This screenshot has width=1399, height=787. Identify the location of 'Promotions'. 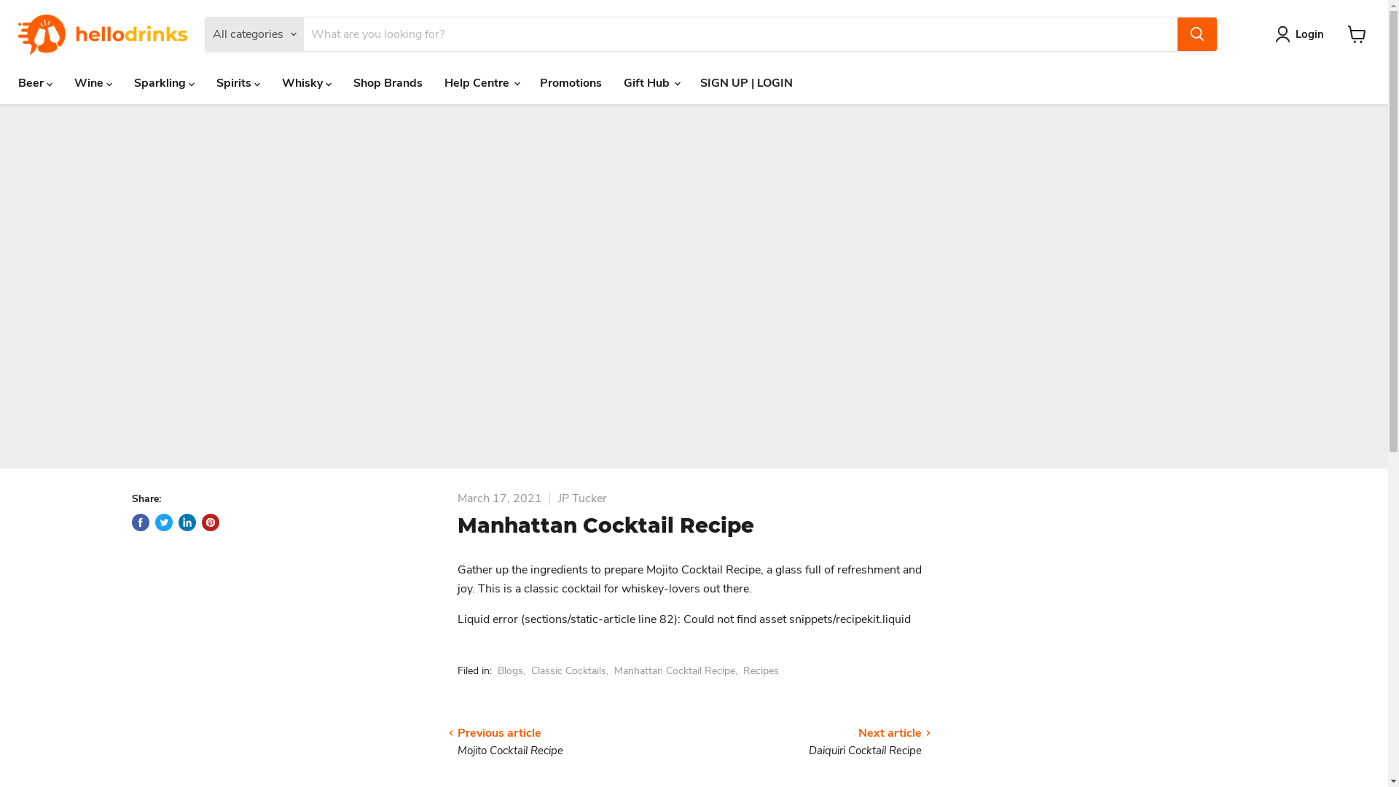
(570, 83).